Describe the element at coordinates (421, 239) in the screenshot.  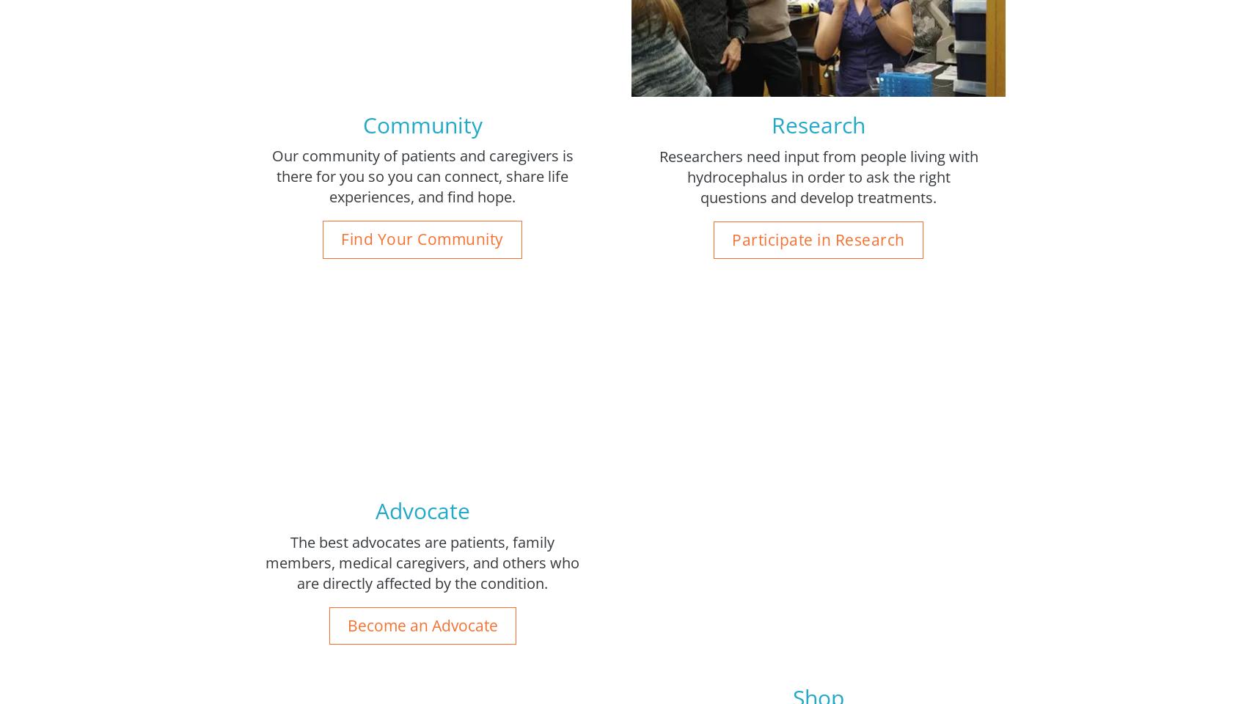
I see `'Find Your Community'` at that location.